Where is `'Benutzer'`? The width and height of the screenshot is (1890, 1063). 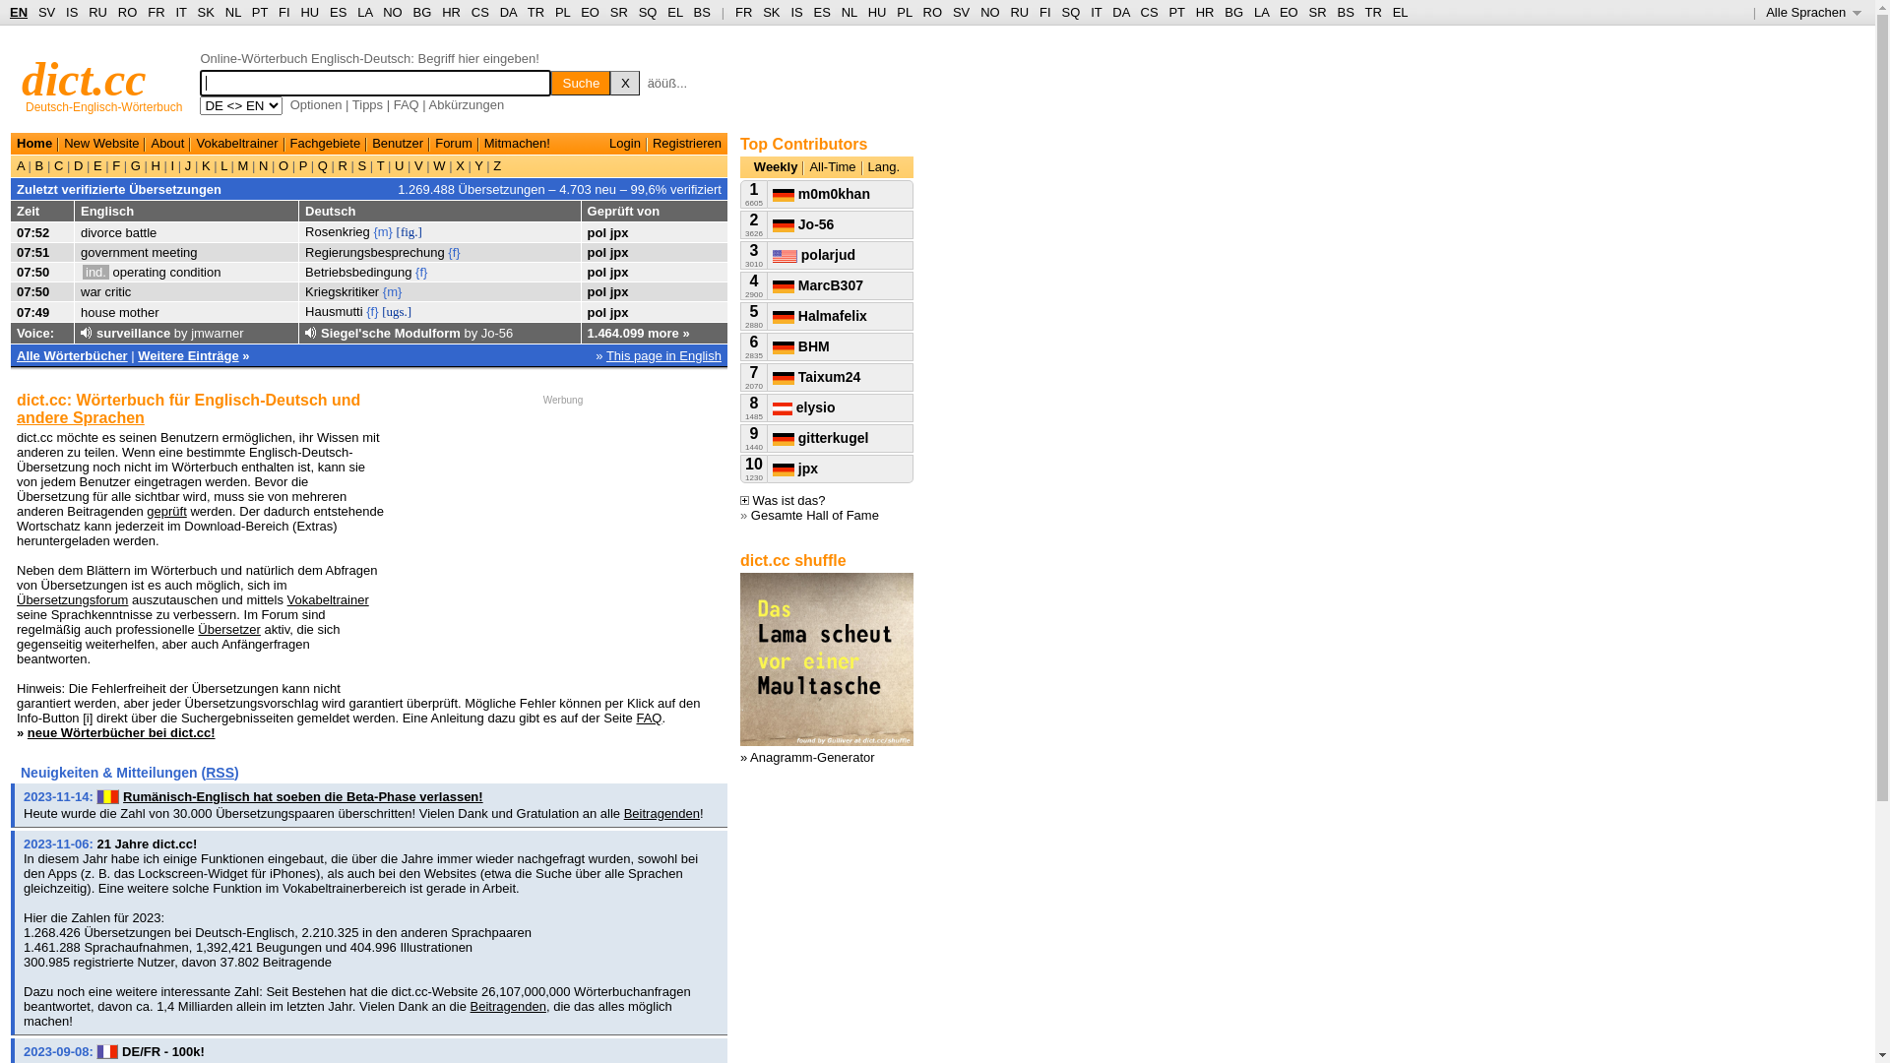
'Benutzer' is located at coordinates (396, 142).